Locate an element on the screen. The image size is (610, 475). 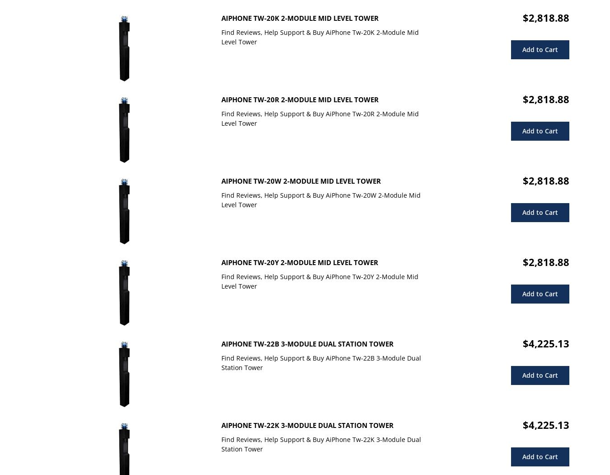
'AiPhone Tw-20K 2-Module Mid Level Tower' is located at coordinates (300, 18).